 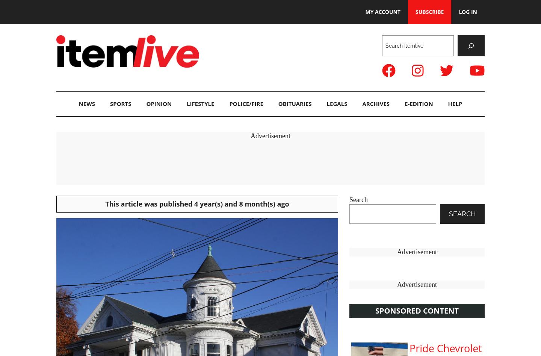 What do you see at coordinates (336, 103) in the screenshot?
I see `'Legals'` at bounding box center [336, 103].